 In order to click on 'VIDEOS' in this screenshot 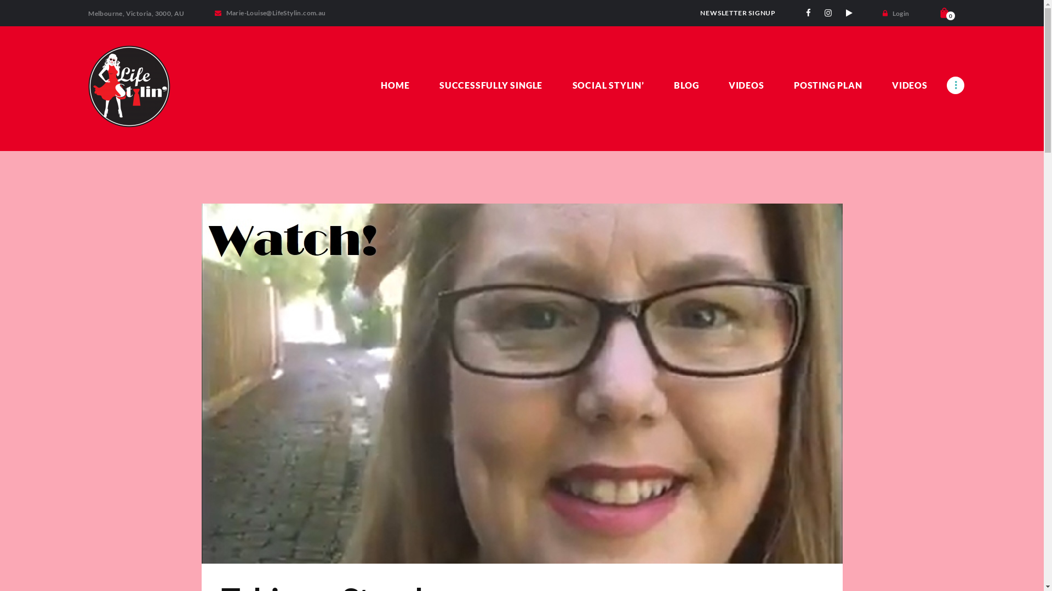, I will do `click(746, 84)`.